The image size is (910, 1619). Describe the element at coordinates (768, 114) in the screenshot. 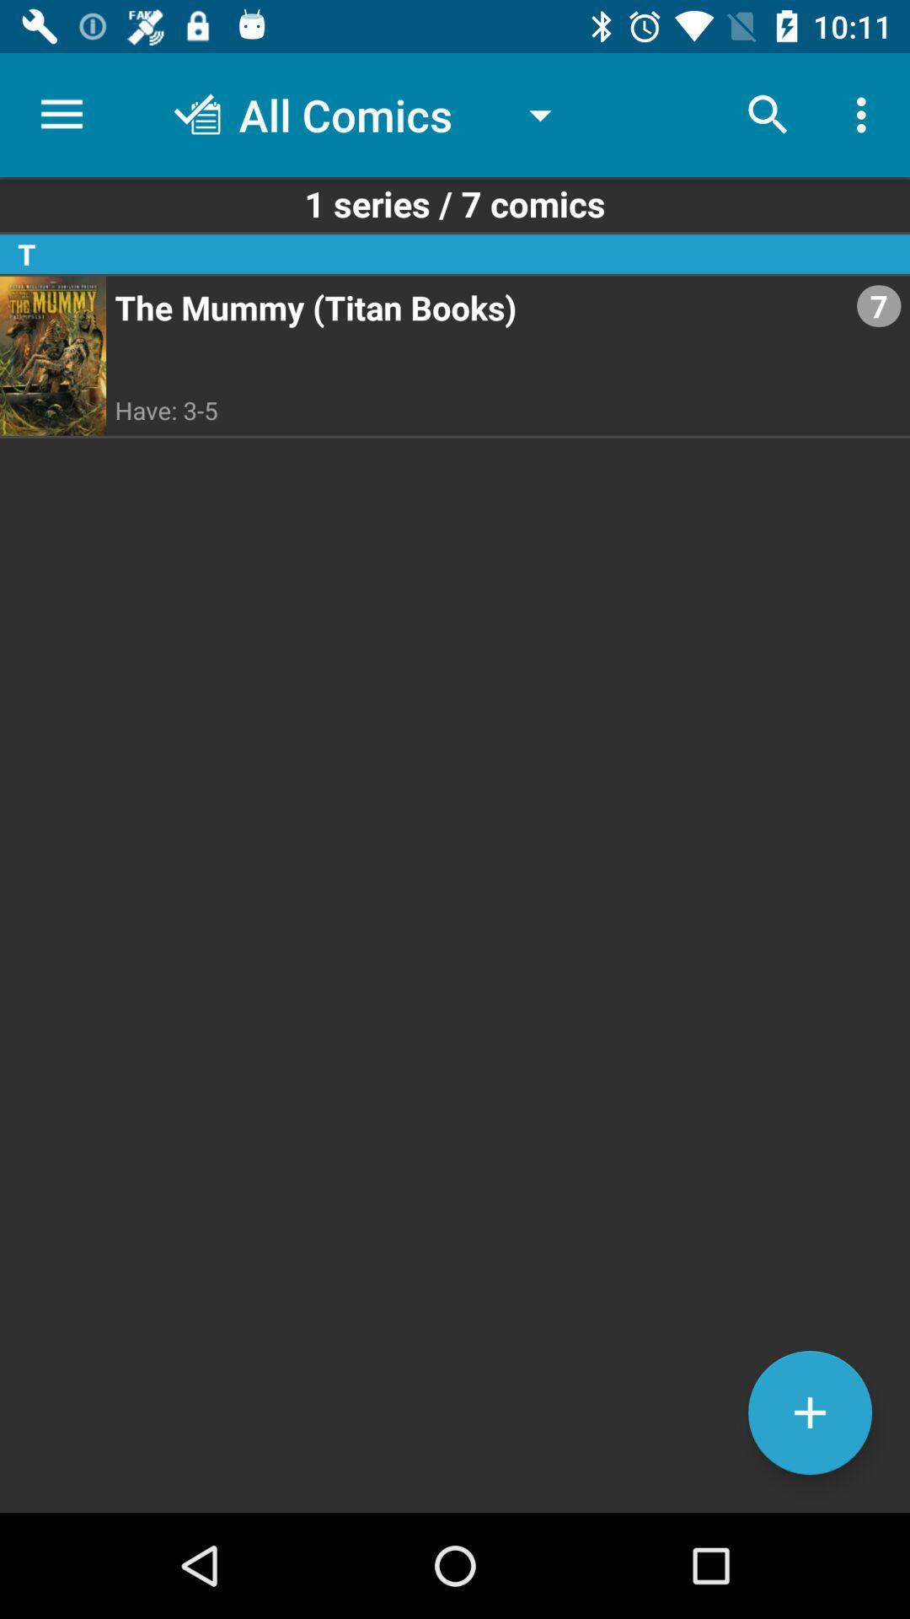

I see `the icon next to all comics item` at that location.